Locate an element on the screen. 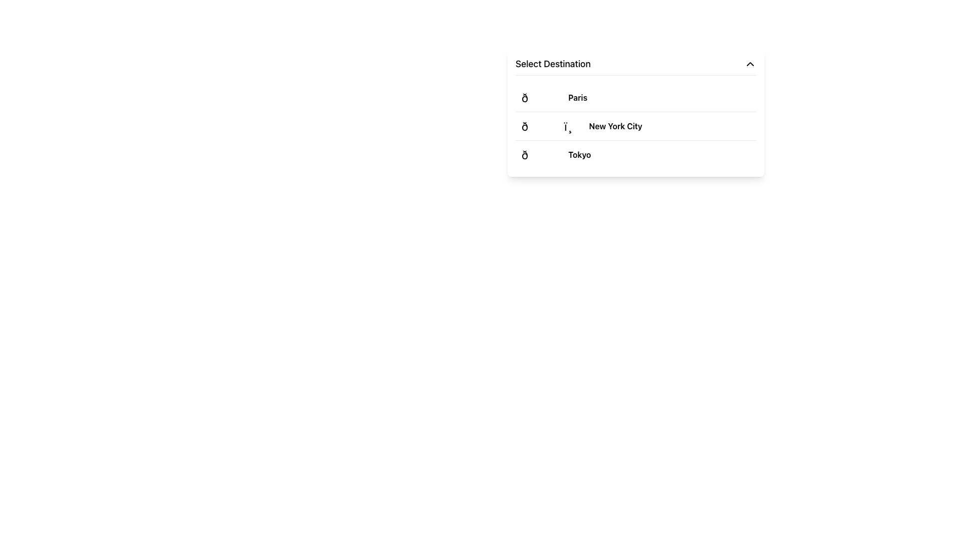 Image resolution: width=963 pixels, height=541 pixels. the toggle button located at the far right of the 'Select Destination' row is located at coordinates (750, 64).